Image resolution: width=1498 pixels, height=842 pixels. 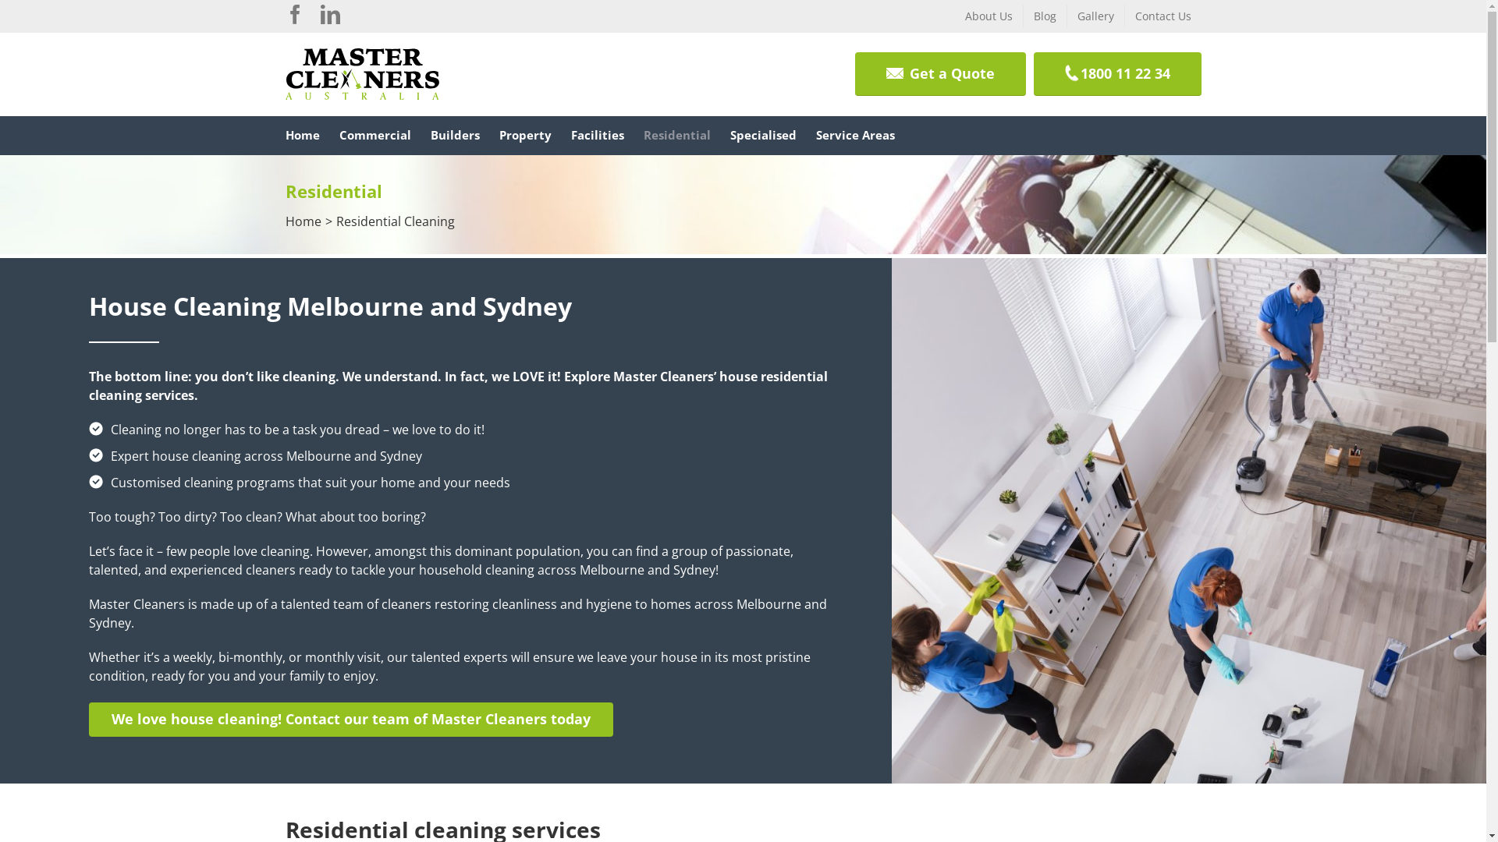 What do you see at coordinates (1163, 16) in the screenshot?
I see `'Contact Us'` at bounding box center [1163, 16].